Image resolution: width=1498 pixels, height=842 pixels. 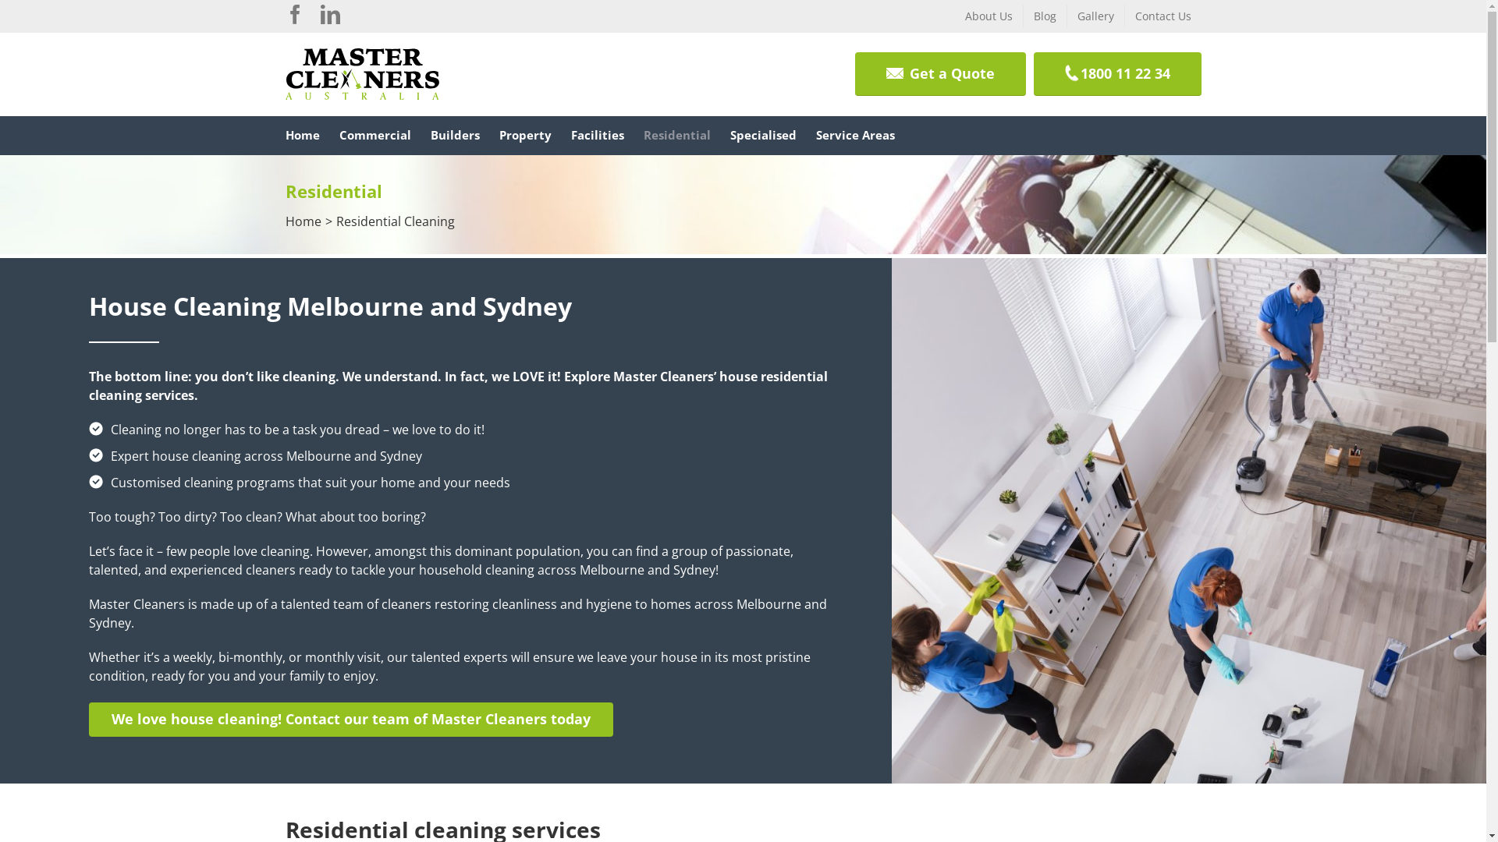 What do you see at coordinates (1163, 16) in the screenshot?
I see `'Contact Us'` at bounding box center [1163, 16].